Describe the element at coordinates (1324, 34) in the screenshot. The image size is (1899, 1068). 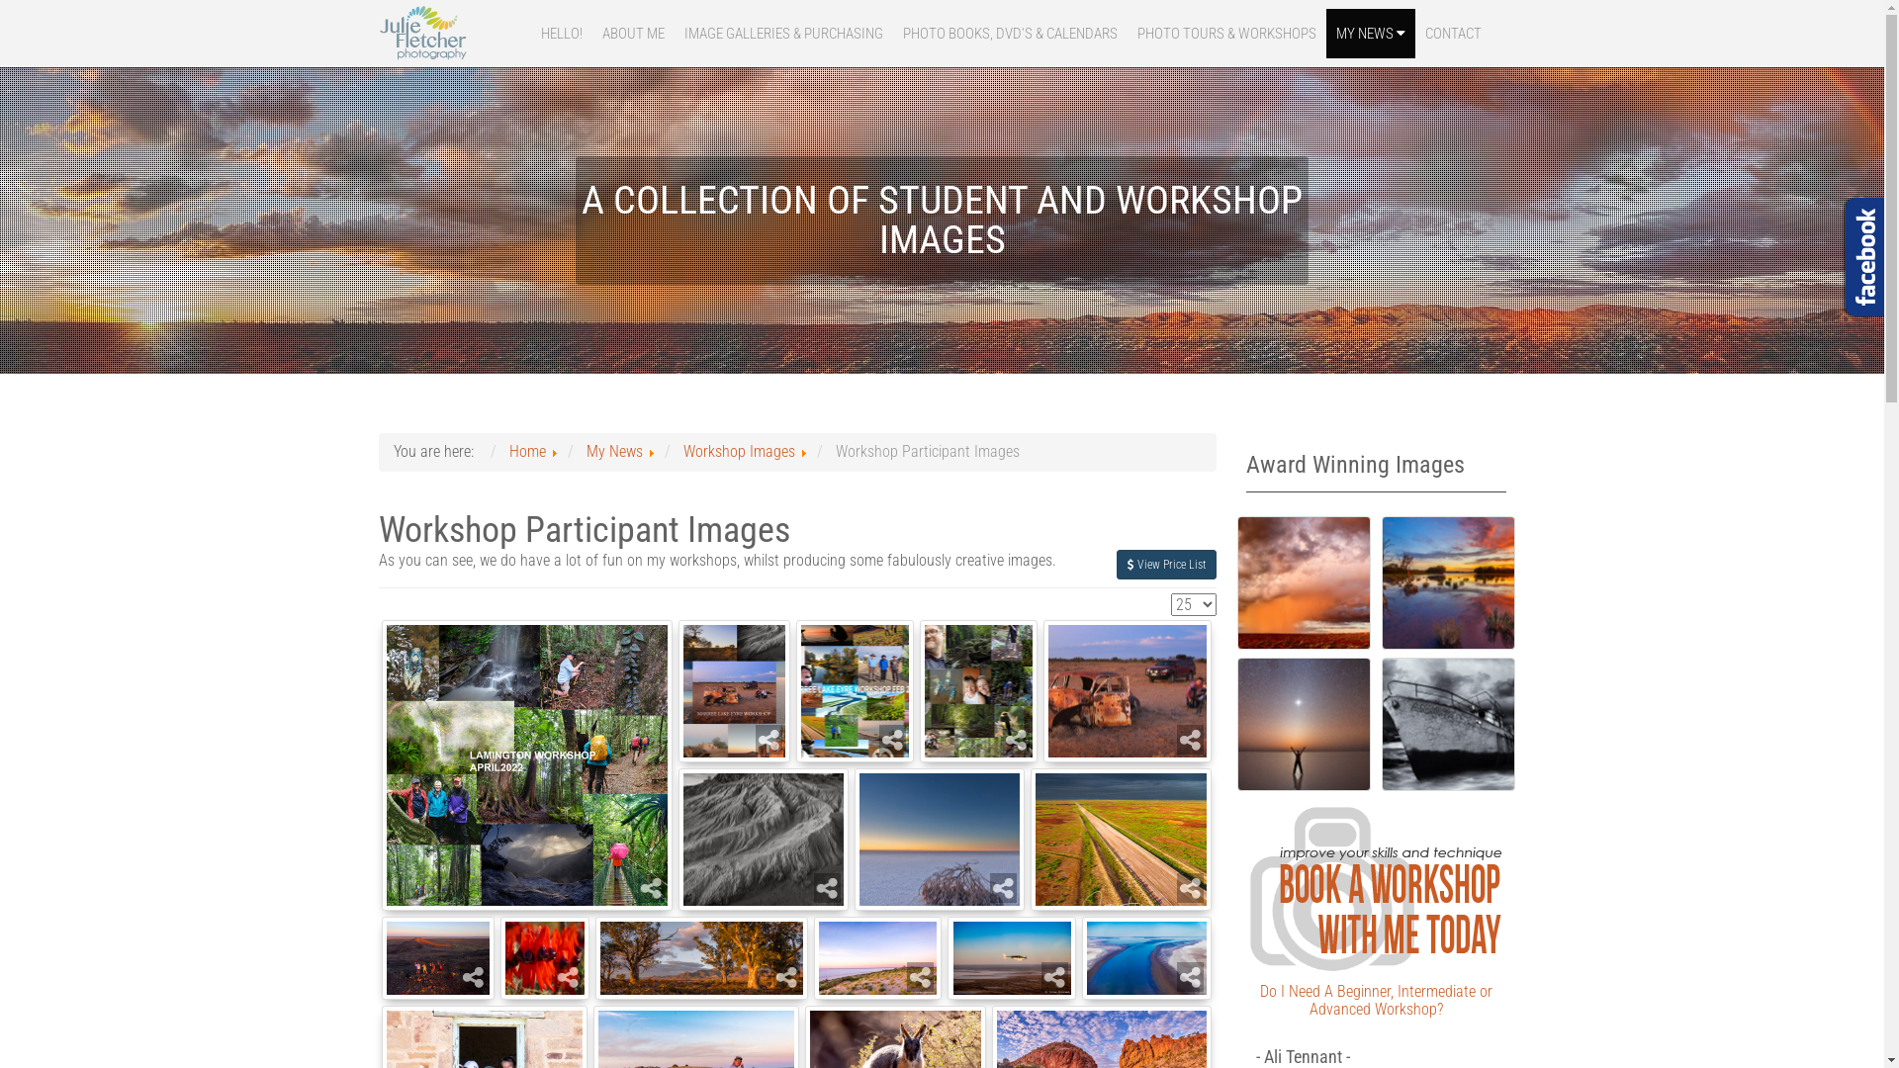
I see `'MY NEWS'` at that location.